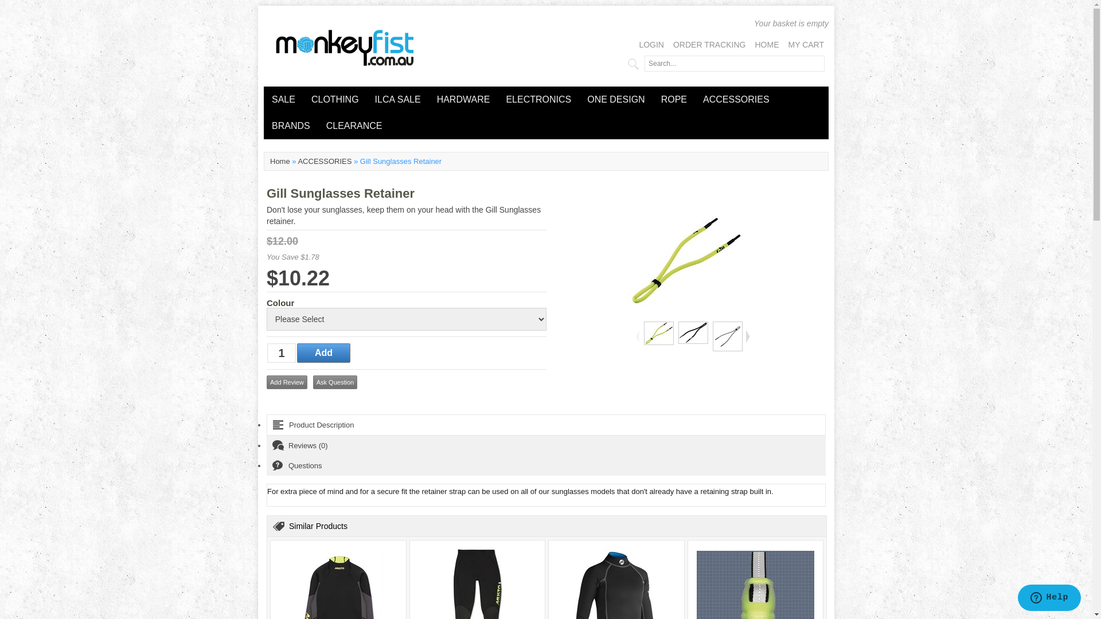 The width and height of the screenshot is (1101, 619). Describe the element at coordinates (1017, 598) in the screenshot. I see `'Opens a widget where you can chat to one of our agents'` at that location.